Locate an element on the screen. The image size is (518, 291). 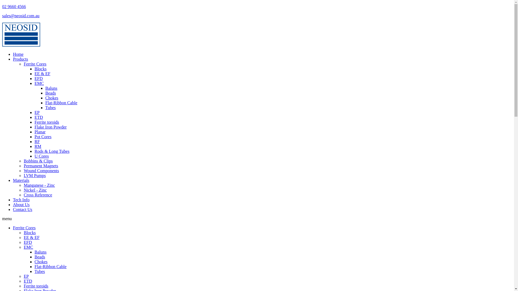
'Tubes' is located at coordinates (34, 271).